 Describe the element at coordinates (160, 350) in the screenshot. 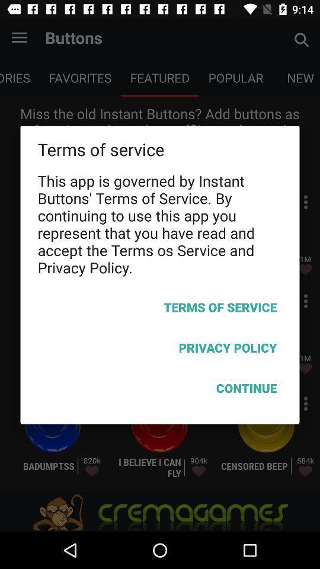

I see `icon below the terms of service` at that location.